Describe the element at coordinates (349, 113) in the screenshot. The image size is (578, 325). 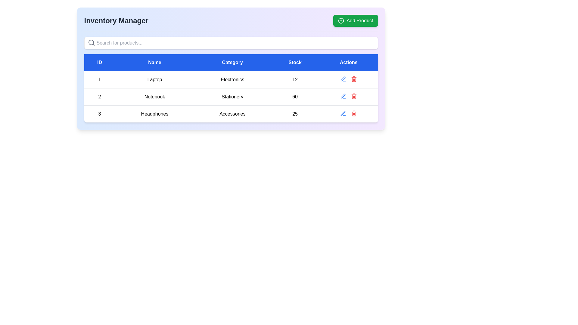
I see `the Toolbar with action buttons for the 'Headphones' table entry` at that location.